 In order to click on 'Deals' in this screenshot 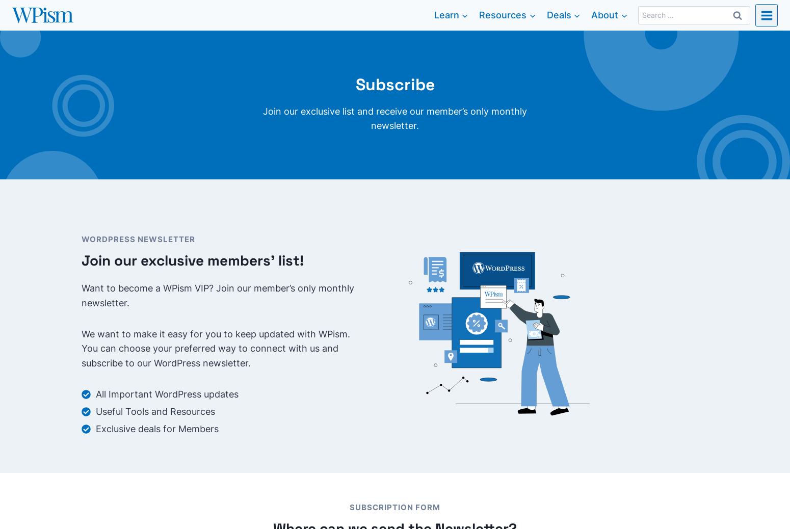, I will do `click(558, 14)`.